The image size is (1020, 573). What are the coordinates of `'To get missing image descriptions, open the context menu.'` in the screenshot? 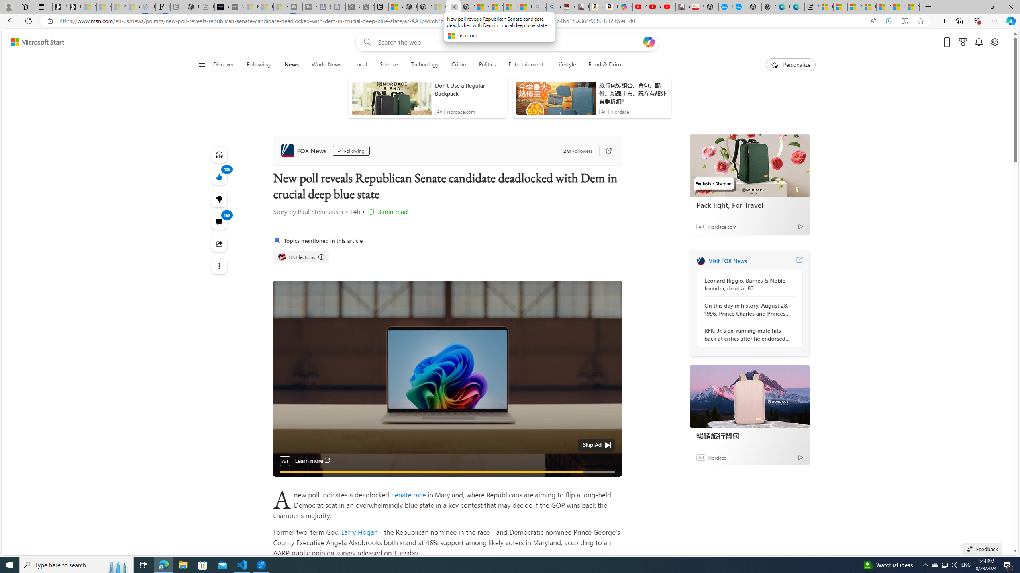 It's located at (775, 64).